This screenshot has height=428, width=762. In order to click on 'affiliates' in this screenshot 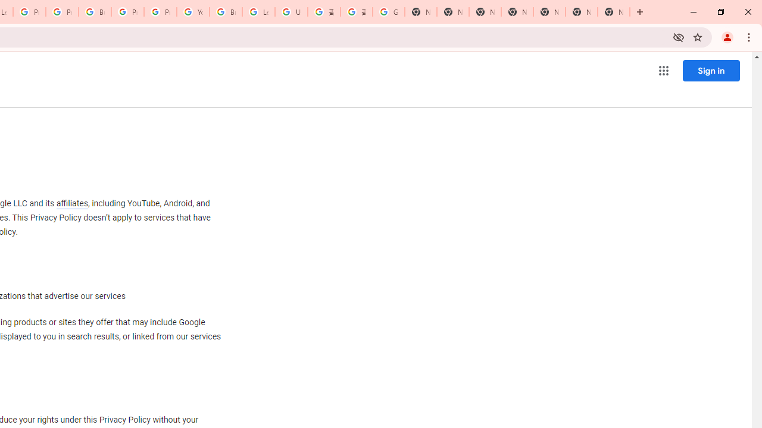, I will do `click(71, 203)`.